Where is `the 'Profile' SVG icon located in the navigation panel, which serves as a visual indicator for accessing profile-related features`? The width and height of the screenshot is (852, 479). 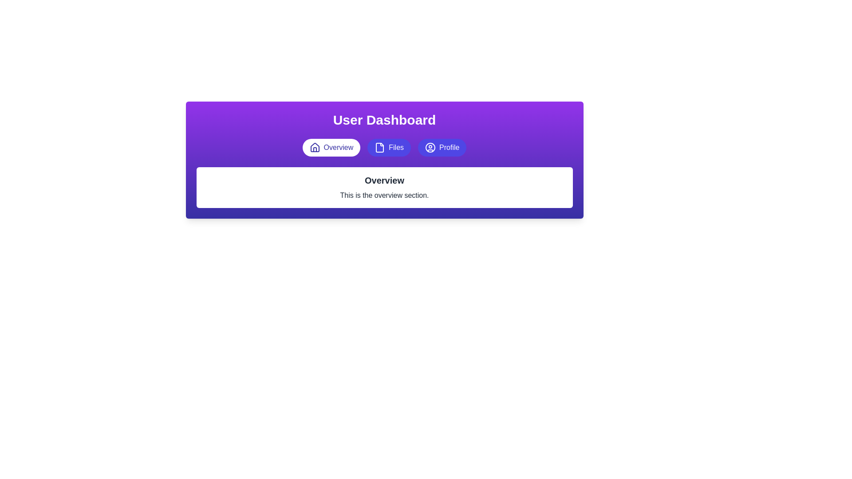
the 'Profile' SVG icon located in the navigation panel, which serves as a visual indicator for accessing profile-related features is located at coordinates (430, 147).